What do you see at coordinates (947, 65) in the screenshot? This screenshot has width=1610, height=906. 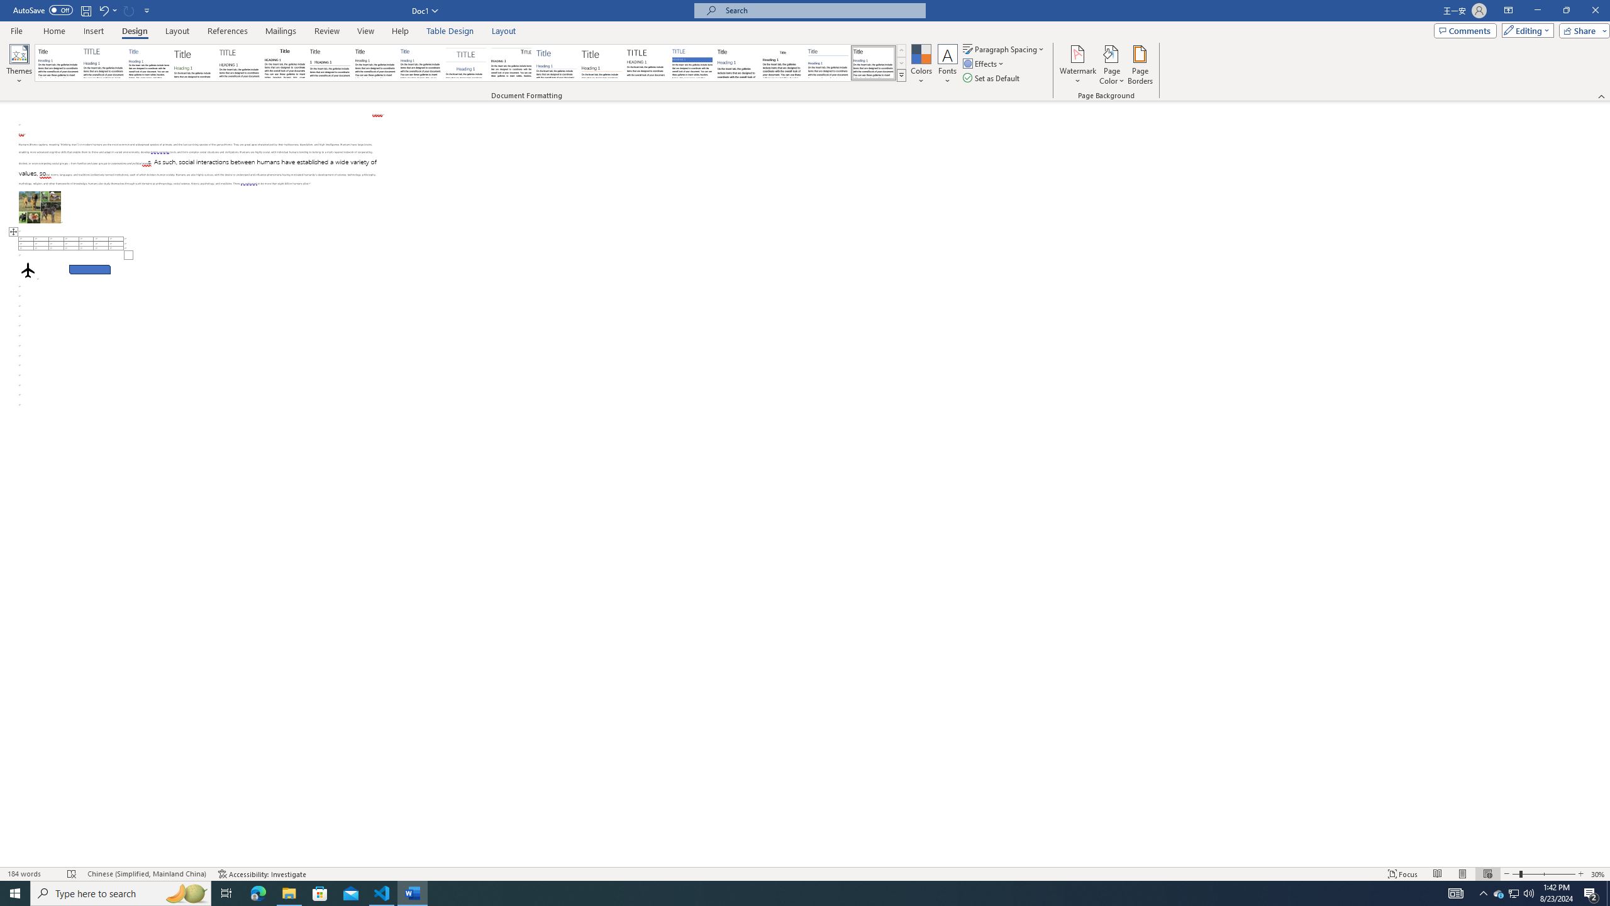 I see `'Fonts'` at bounding box center [947, 65].